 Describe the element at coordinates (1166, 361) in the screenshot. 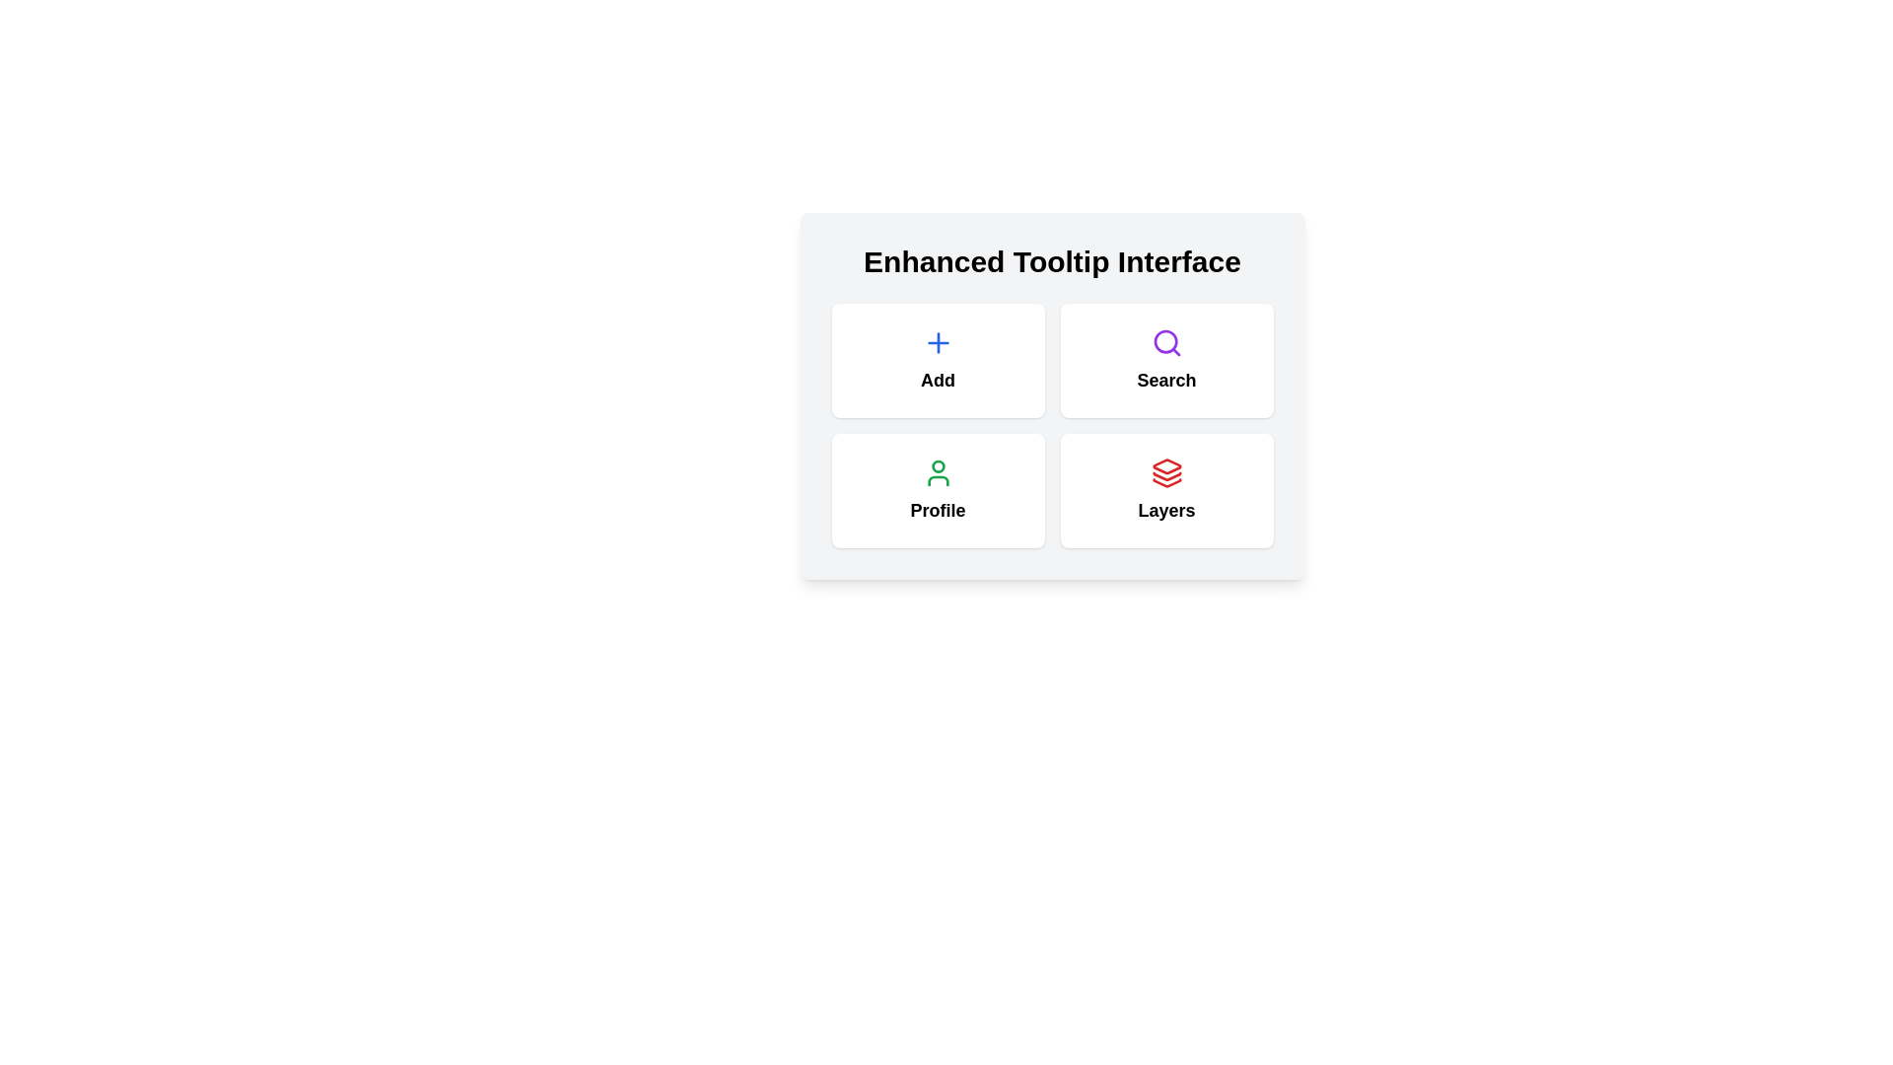

I see `the interactive 'Search' button located at the top-right position of the grid layout, which features a purple magnifying glass icon and the label 'Search'` at that location.